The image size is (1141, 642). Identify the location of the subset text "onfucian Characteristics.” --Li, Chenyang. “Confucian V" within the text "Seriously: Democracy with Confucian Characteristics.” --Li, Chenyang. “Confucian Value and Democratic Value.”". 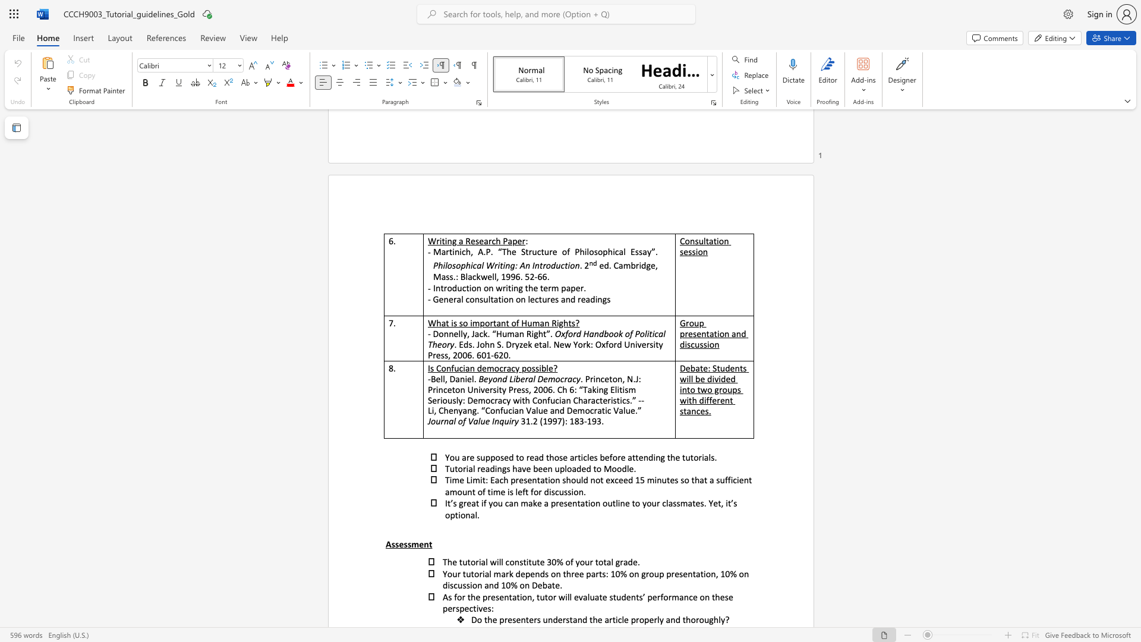
(537, 400).